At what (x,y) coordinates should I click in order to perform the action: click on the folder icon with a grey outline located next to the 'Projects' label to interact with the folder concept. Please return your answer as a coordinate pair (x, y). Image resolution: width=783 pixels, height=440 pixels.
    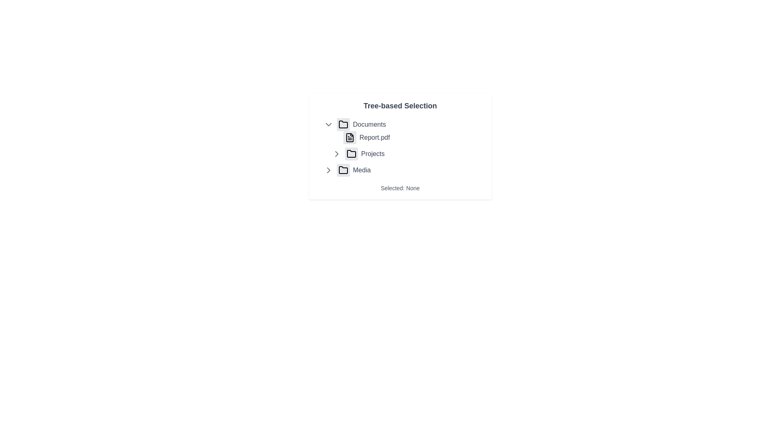
    Looking at the image, I should click on (351, 154).